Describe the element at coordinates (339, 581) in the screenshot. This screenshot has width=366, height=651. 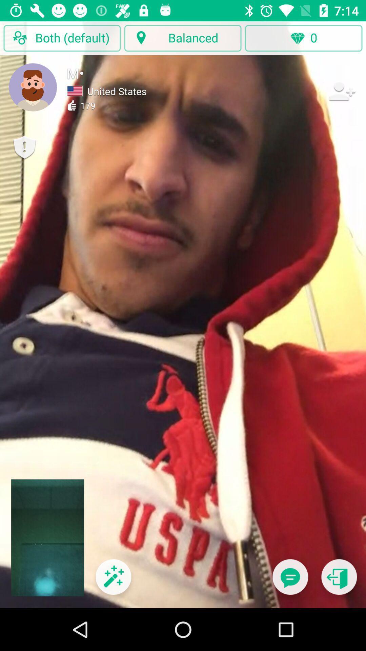
I see `sair do bate-papo` at that location.